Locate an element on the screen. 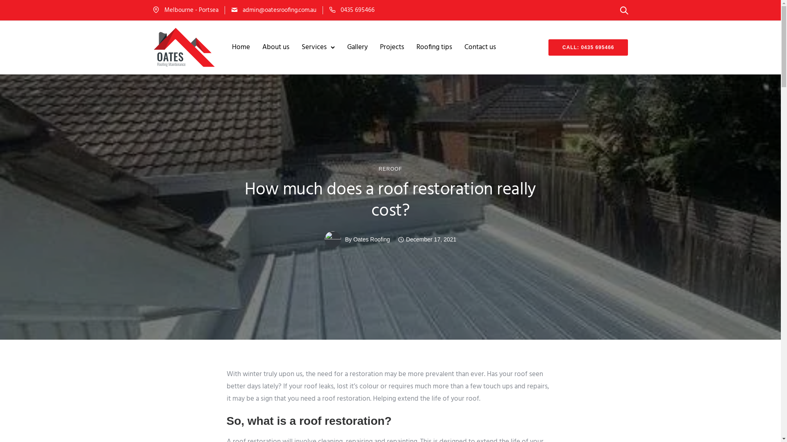  'Melbourne - Portsea' is located at coordinates (164, 9).